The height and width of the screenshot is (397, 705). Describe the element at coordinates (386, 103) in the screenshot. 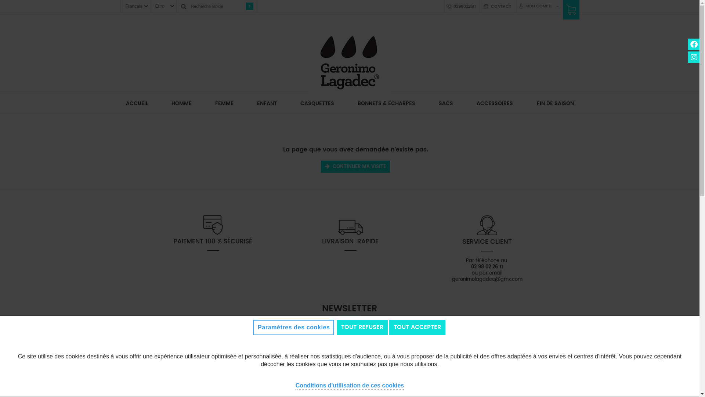

I see `'BONNETS & ECHARPES'` at that location.